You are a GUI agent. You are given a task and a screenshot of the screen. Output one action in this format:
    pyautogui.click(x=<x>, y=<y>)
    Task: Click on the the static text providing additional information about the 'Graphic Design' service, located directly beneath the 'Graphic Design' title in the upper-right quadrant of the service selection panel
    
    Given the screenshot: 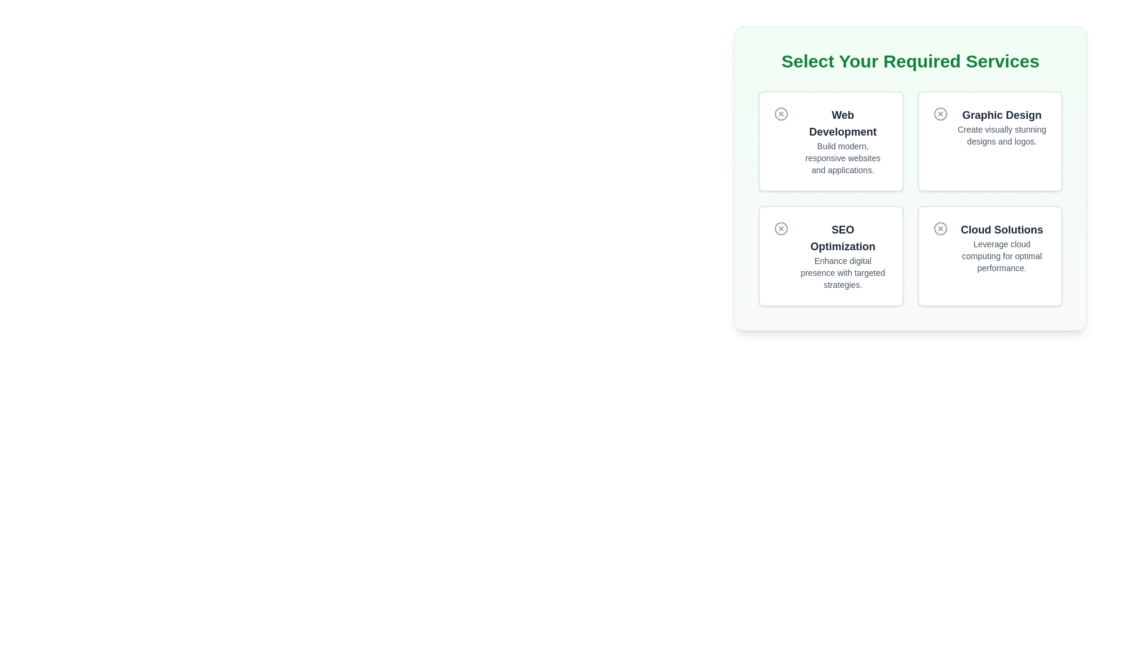 What is the action you would take?
    pyautogui.click(x=1002, y=135)
    